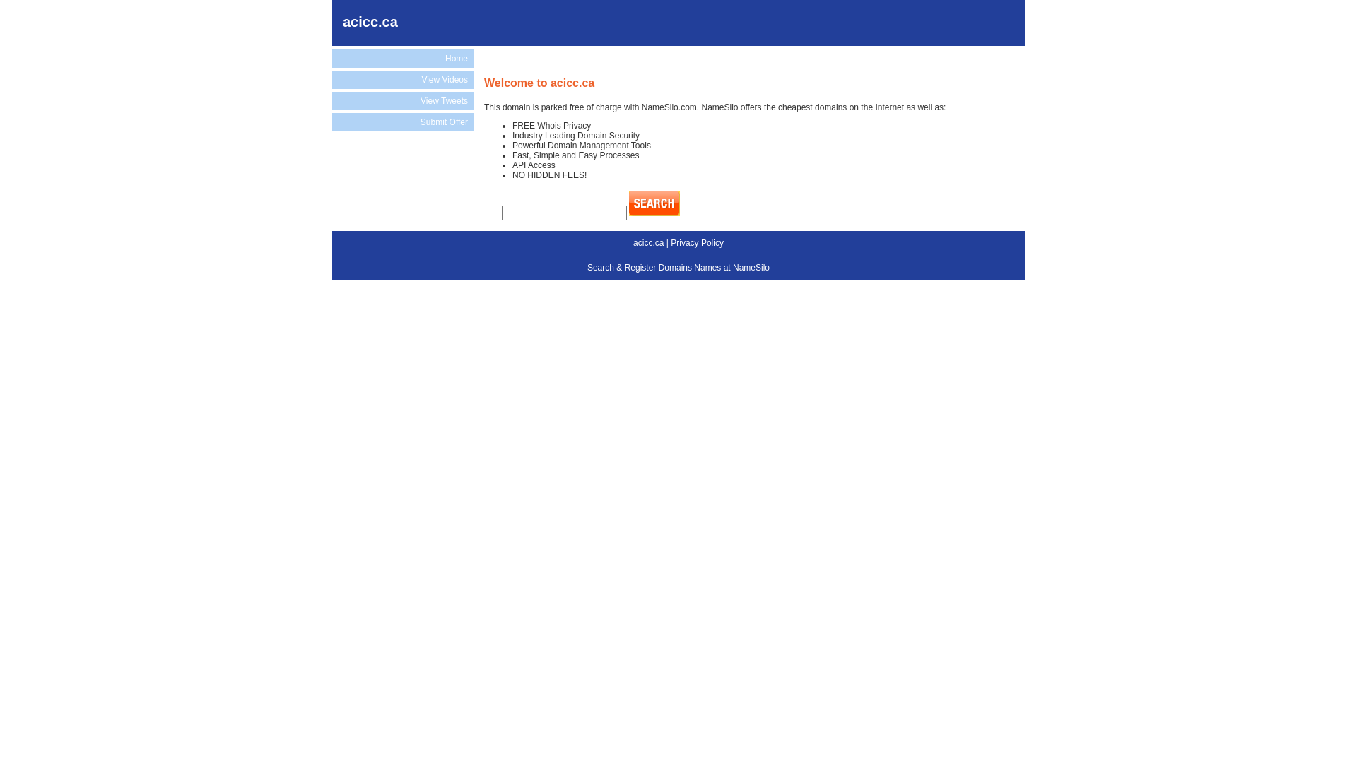  I want to click on 'Home', so click(331, 58).